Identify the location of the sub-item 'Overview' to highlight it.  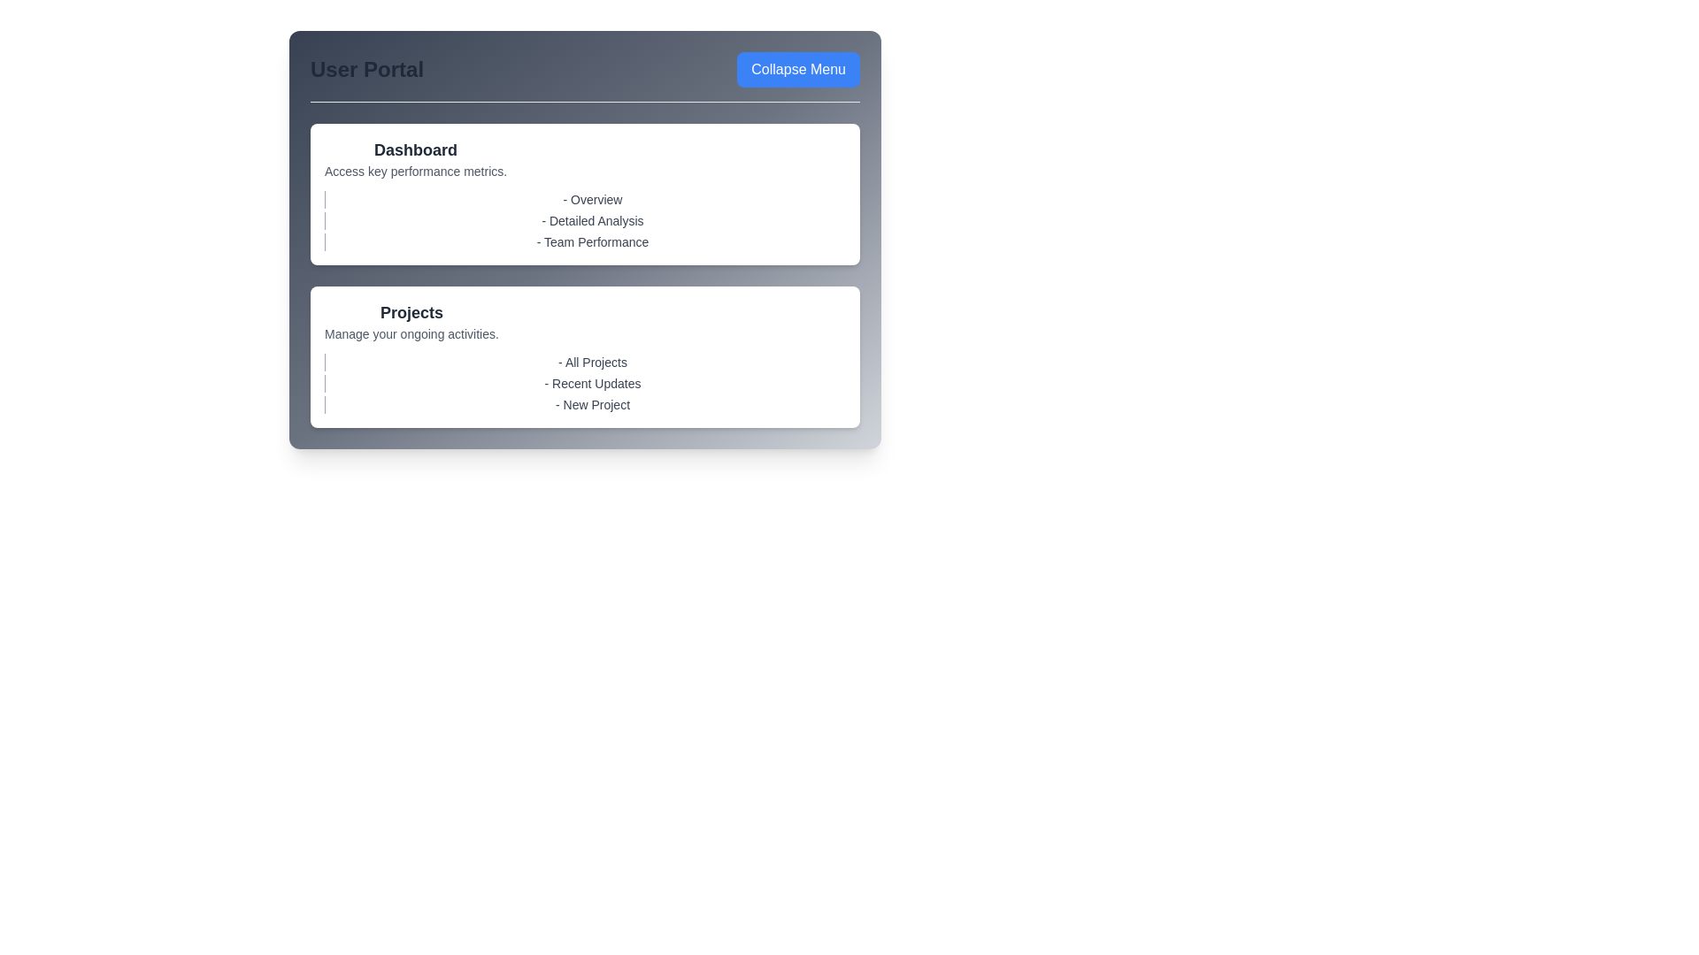
(585, 199).